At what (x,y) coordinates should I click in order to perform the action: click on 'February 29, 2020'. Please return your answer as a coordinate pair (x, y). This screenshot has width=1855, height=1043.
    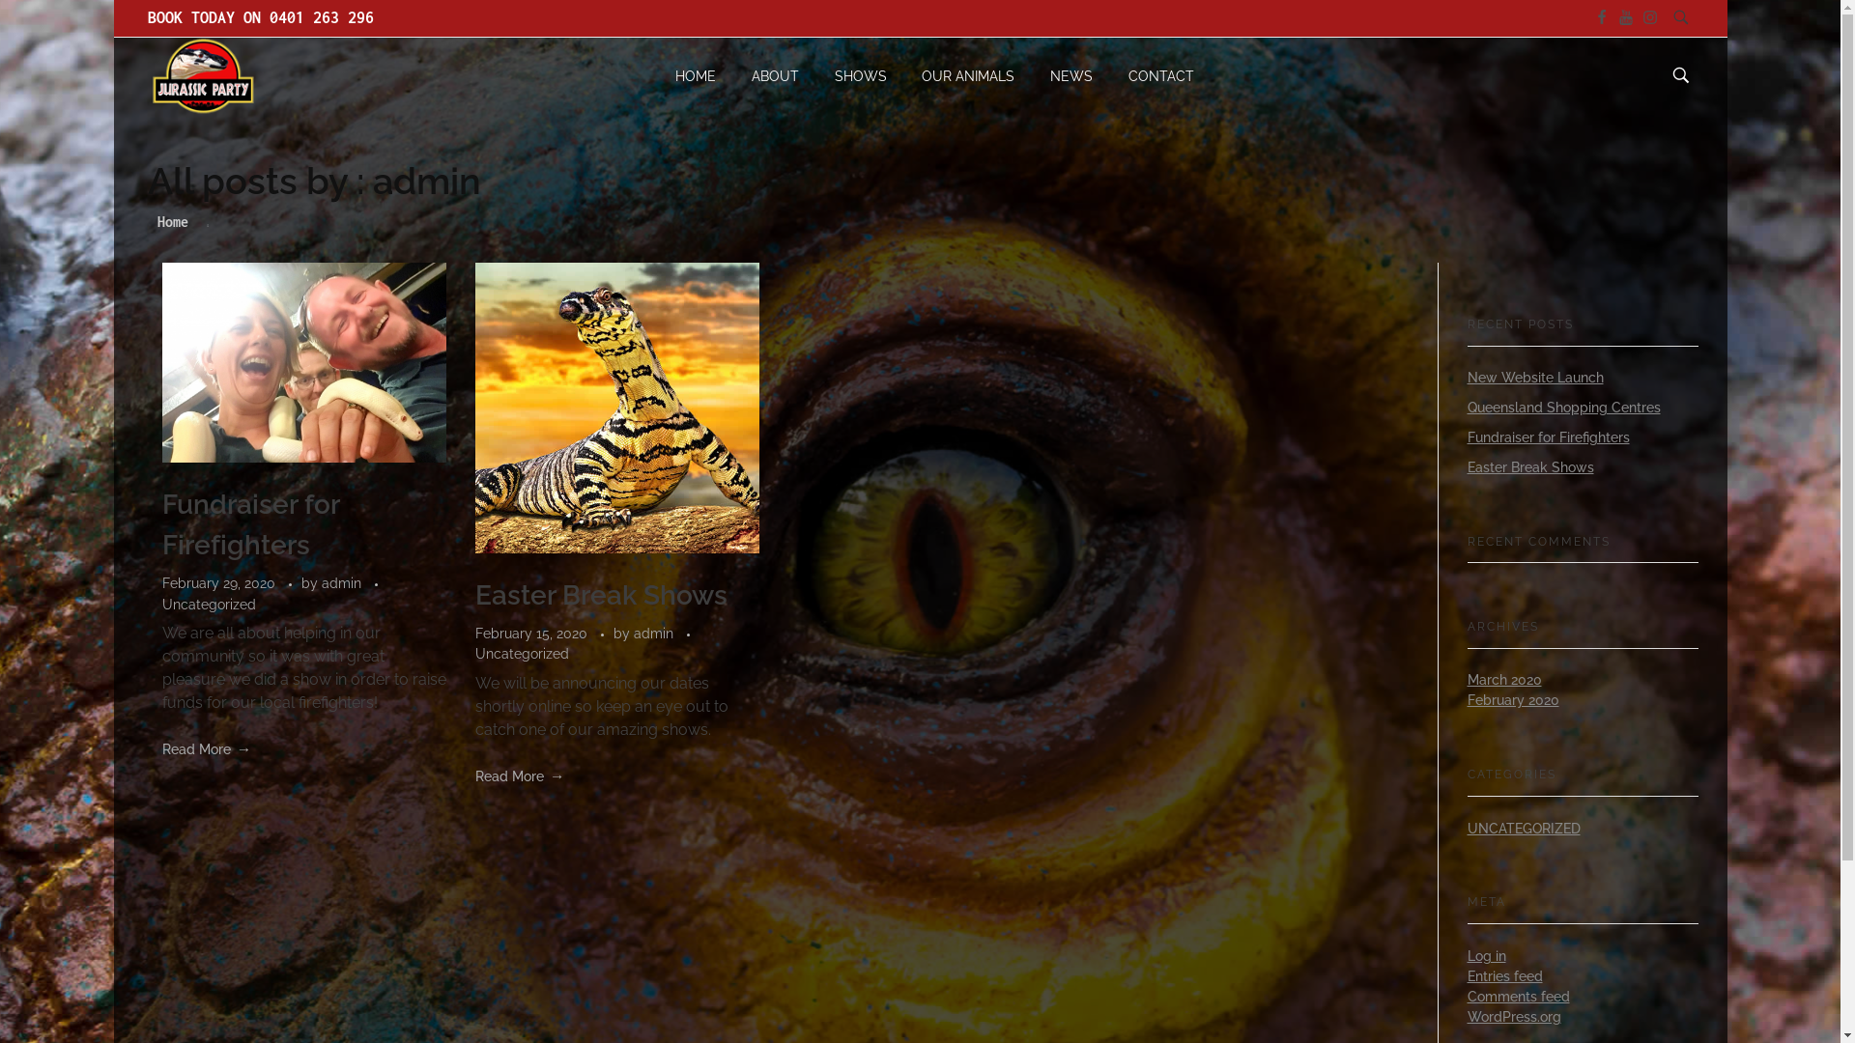
    Looking at the image, I should click on (162, 582).